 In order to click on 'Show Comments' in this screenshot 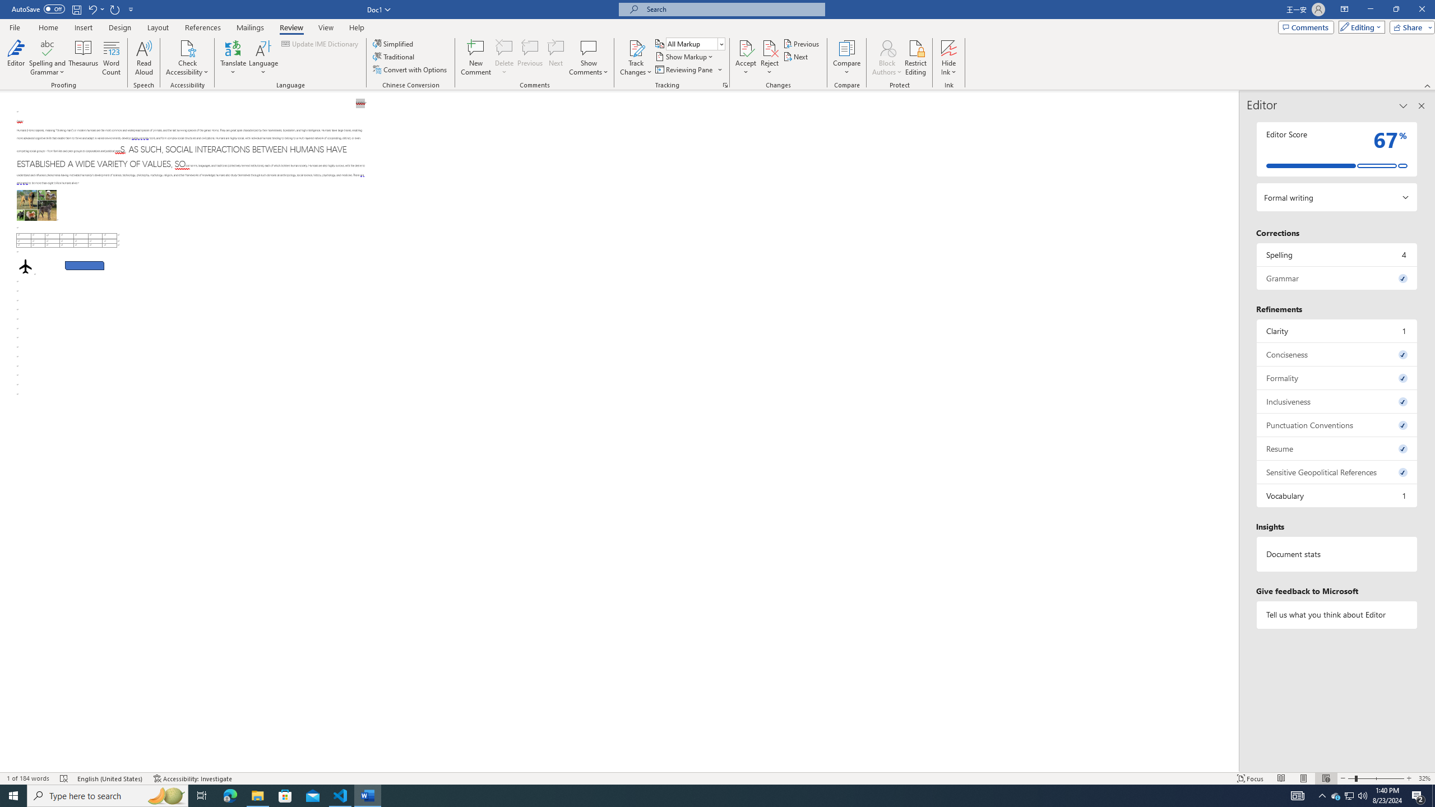, I will do `click(588, 58)`.